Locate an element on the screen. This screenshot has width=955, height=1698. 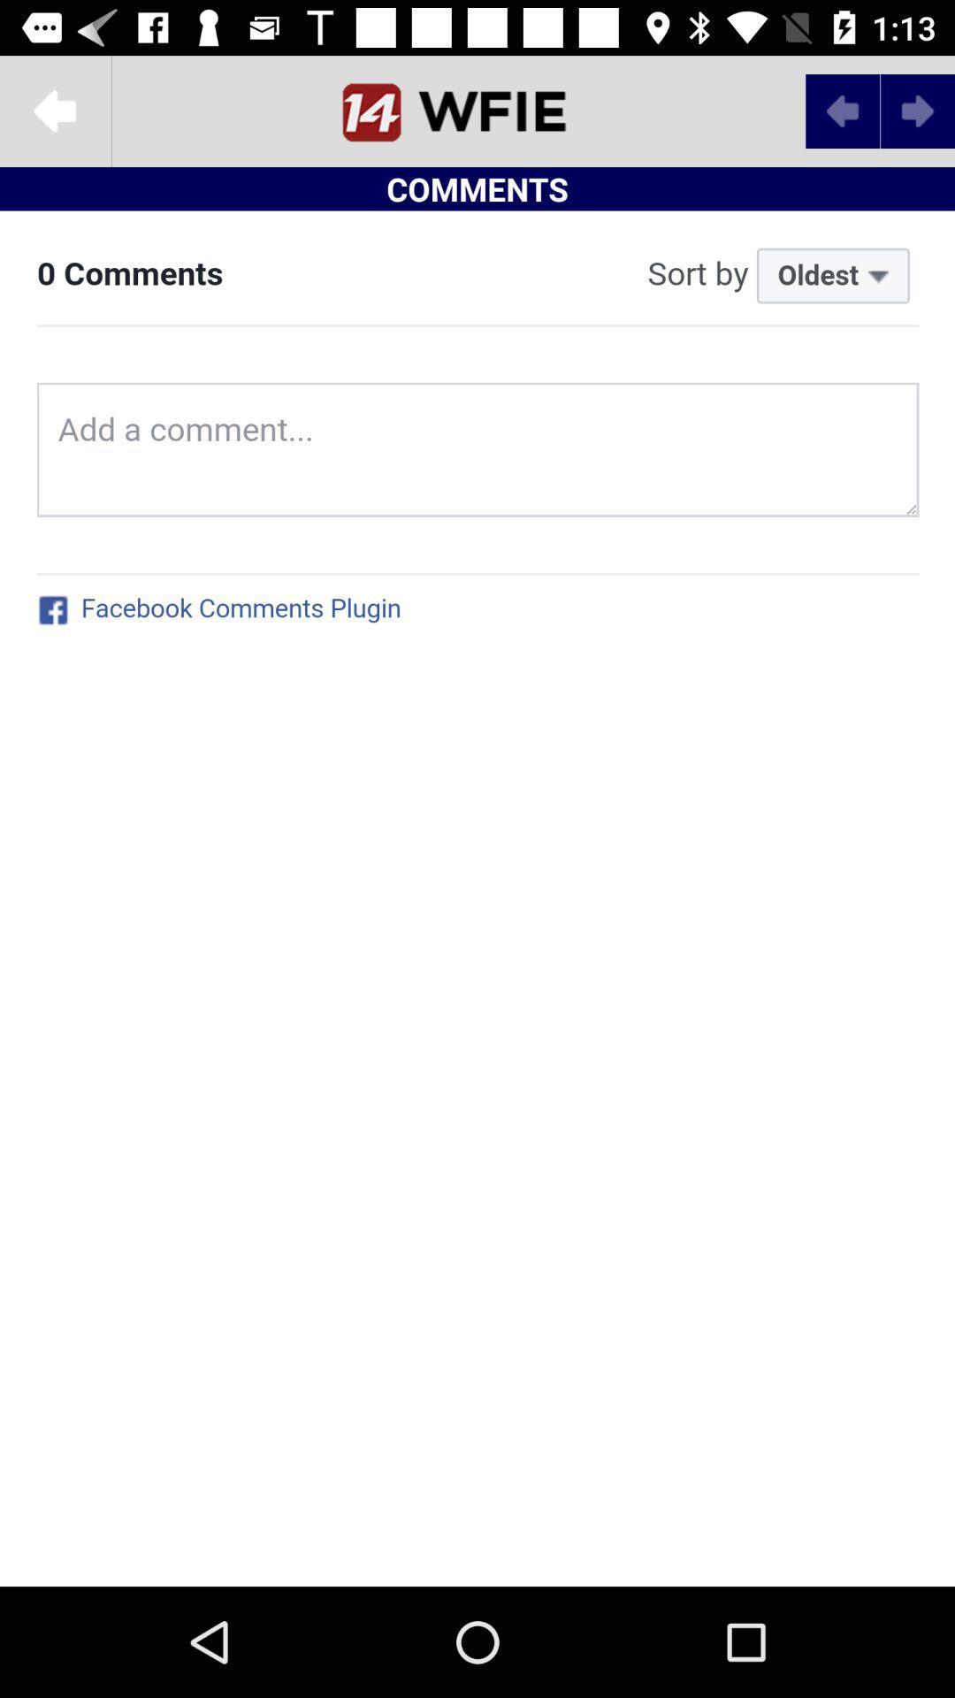
comment is located at coordinates (477, 899).